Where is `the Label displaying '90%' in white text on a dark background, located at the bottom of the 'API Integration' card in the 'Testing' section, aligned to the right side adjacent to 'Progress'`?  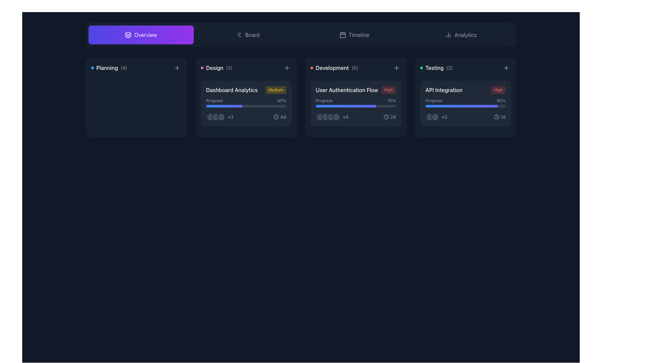 the Label displaying '90%' in white text on a dark background, located at the bottom of the 'API Integration' card in the 'Testing' section, aligned to the right side adjacent to 'Progress' is located at coordinates (501, 101).